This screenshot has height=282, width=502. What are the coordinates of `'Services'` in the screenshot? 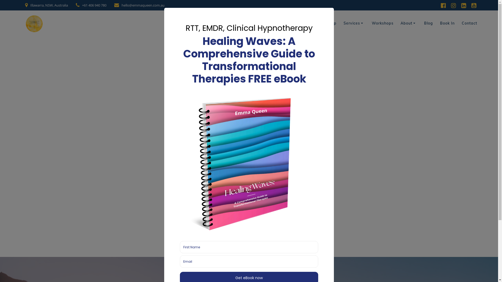 It's located at (354, 23).